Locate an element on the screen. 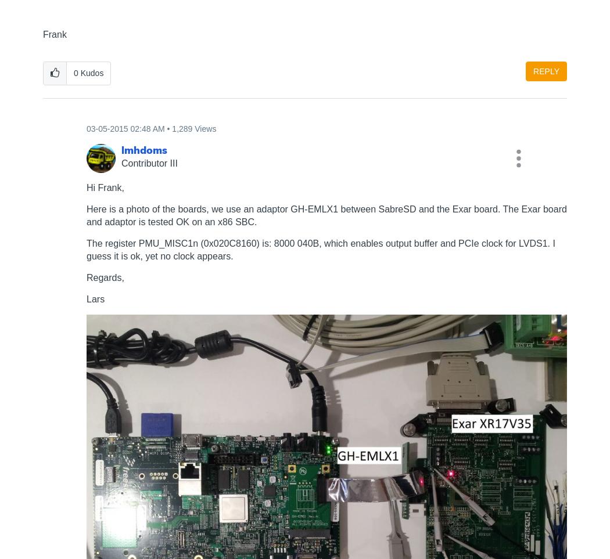 The width and height of the screenshot is (610, 559). 'Frank' is located at coordinates (42, 34).